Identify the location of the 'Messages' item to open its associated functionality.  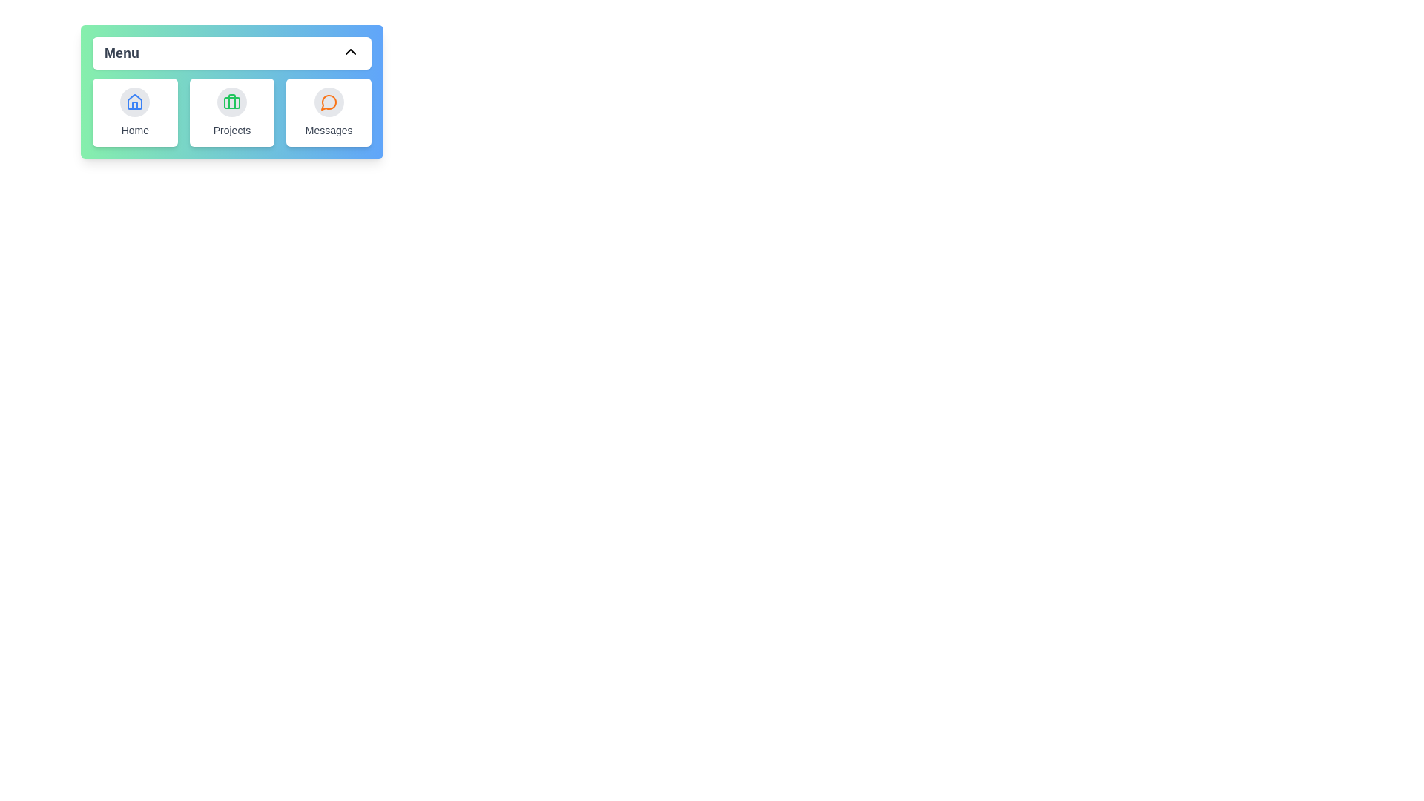
(328, 111).